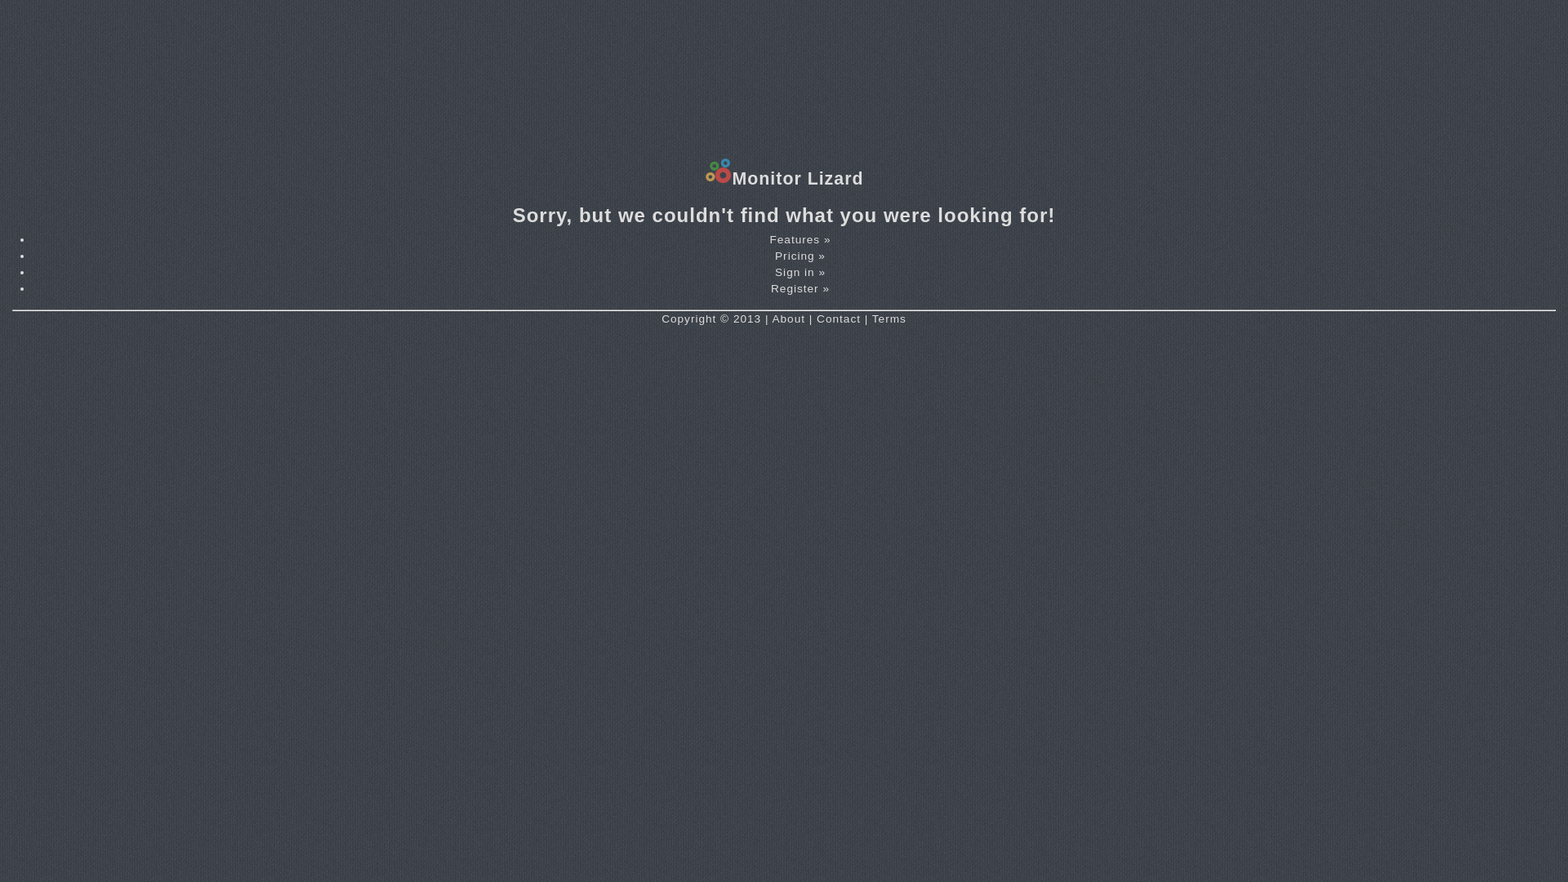 The width and height of the screenshot is (1568, 882). Describe the element at coordinates (788, 318) in the screenshot. I see `'About'` at that location.